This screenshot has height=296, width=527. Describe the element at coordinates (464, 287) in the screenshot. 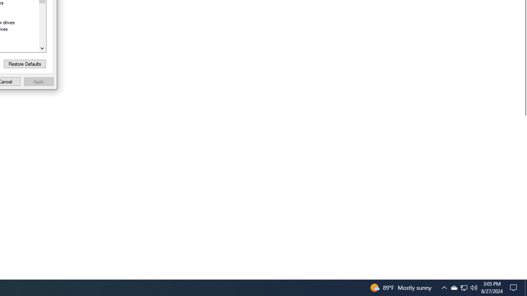

I see `'User Promoted Notification Area'` at that location.